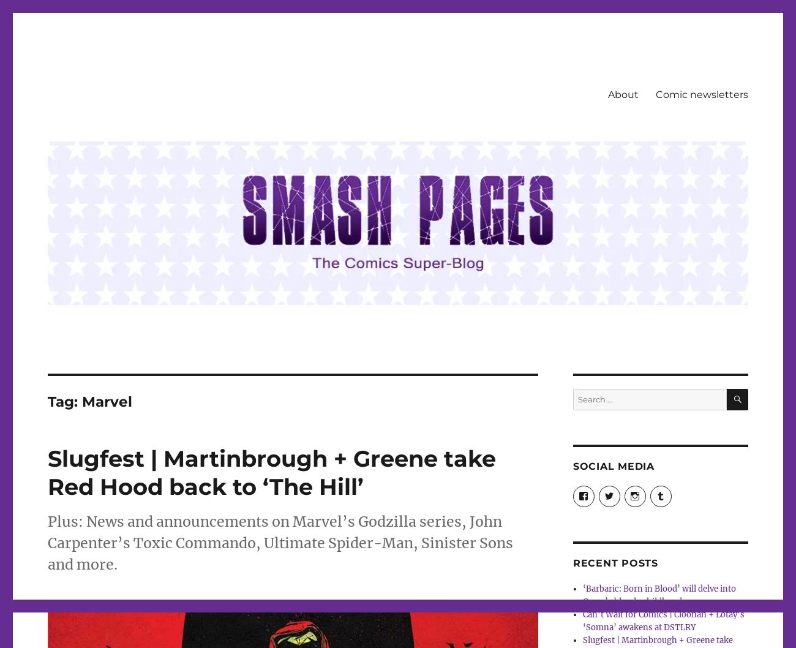 The image size is (796, 648). I want to click on 'Tag:', so click(64, 401).